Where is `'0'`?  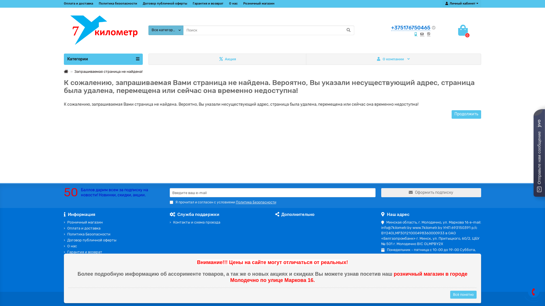
'0' is located at coordinates (463, 30).